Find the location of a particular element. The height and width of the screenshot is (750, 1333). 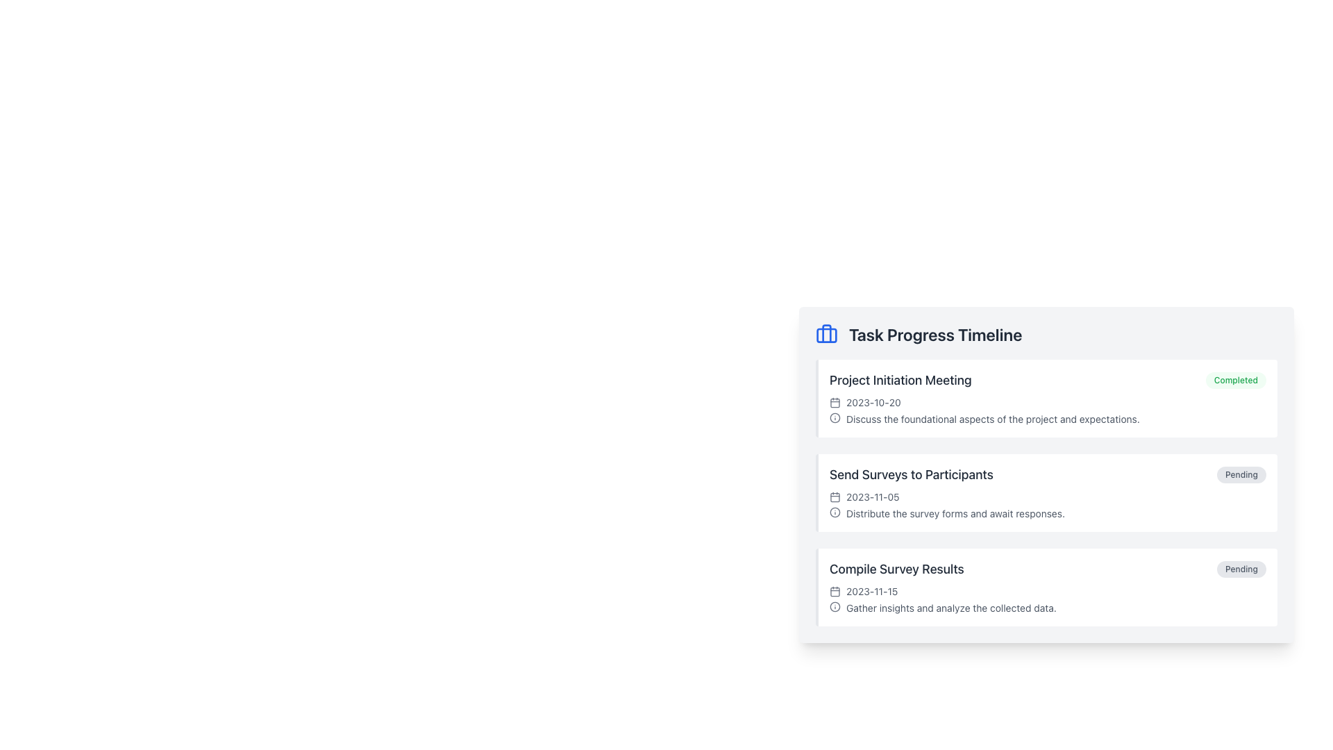

text description with date and icon located below the 'Send Surveys to Participants' section in the 'Task Progress Timeline' list under 'Compile Survey Results' is located at coordinates (1048, 599).